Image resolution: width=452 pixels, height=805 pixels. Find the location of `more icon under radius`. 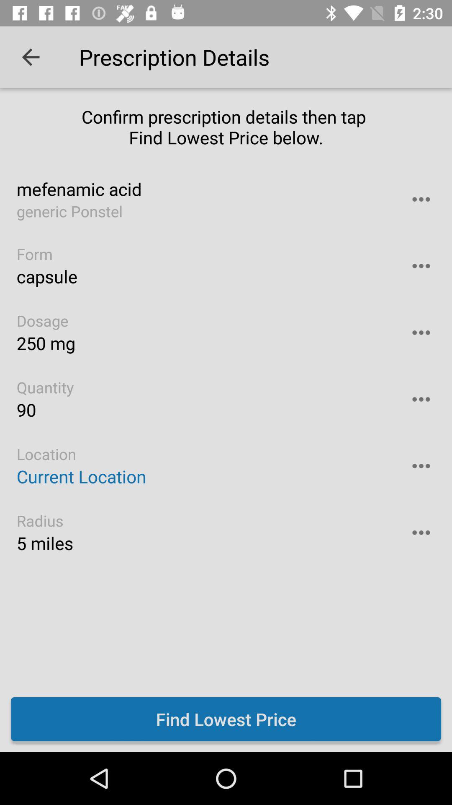

more icon under radius is located at coordinates (421, 532).